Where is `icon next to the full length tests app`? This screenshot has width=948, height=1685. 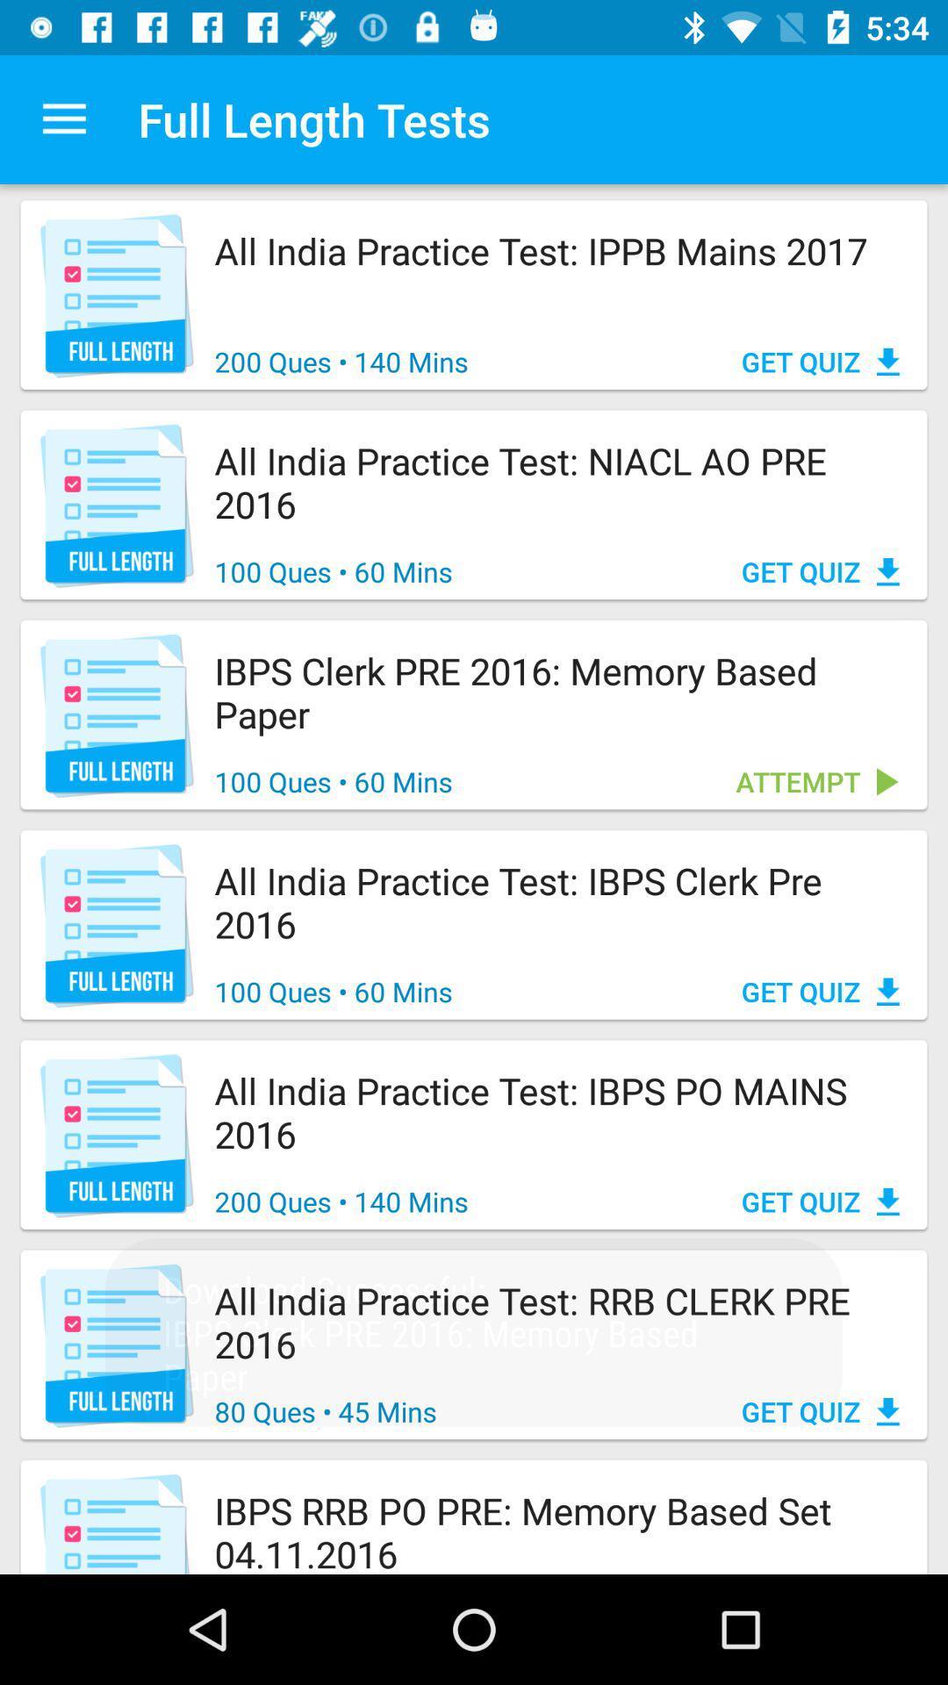 icon next to the full length tests app is located at coordinates (63, 118).